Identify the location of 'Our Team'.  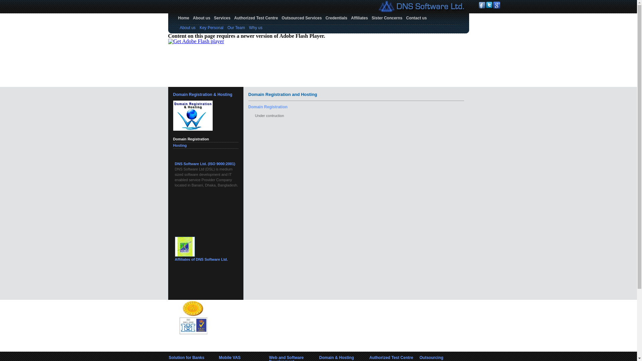
(227, 27).